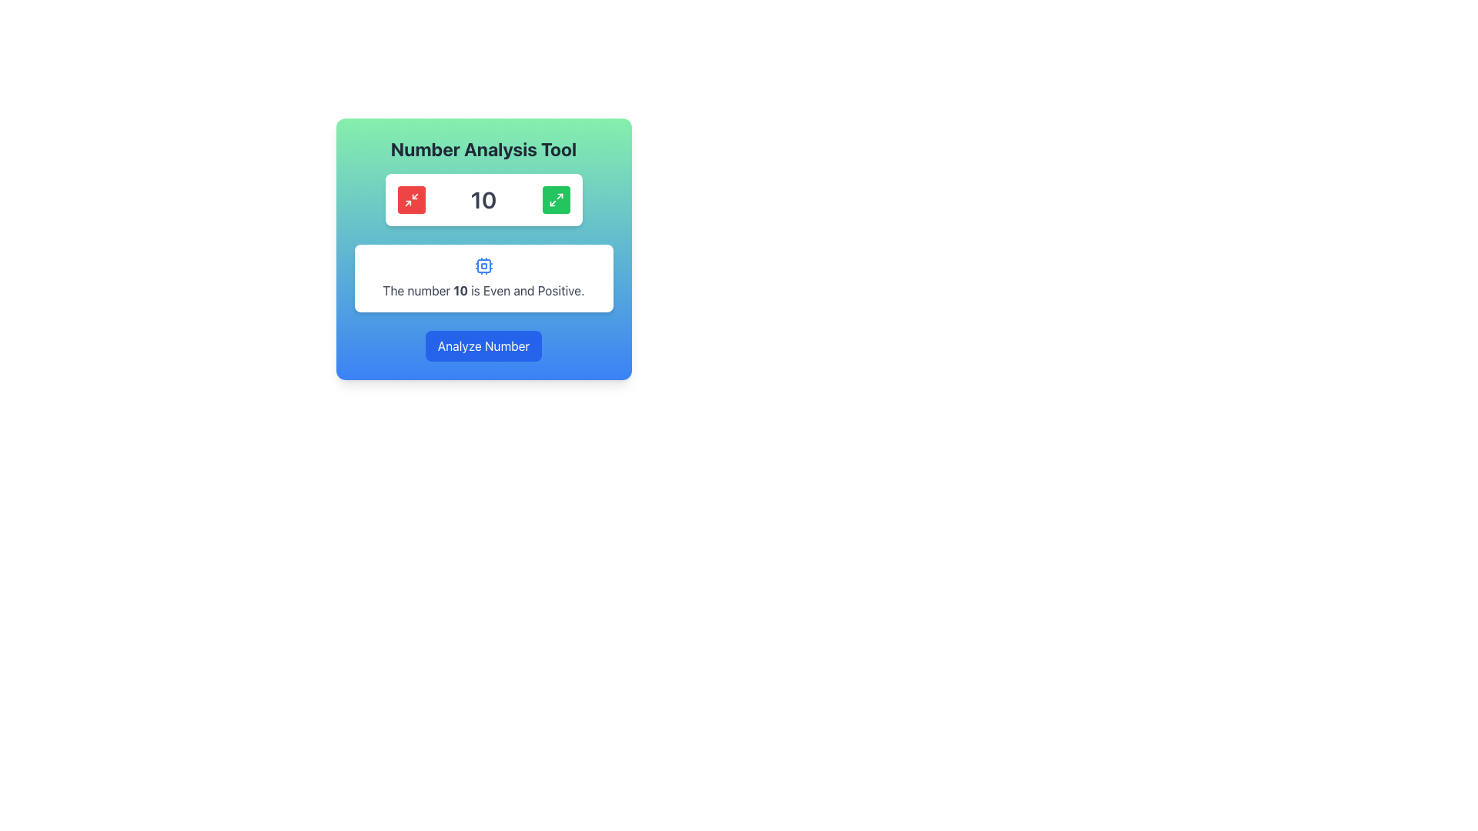  What do you see at coordinates (483, 265) in the screenshot?
I see `the blue CPU-like SVG icon that is centered above the text 'The number 10 is Even and Positive.'` at bounding box center [483, 265].